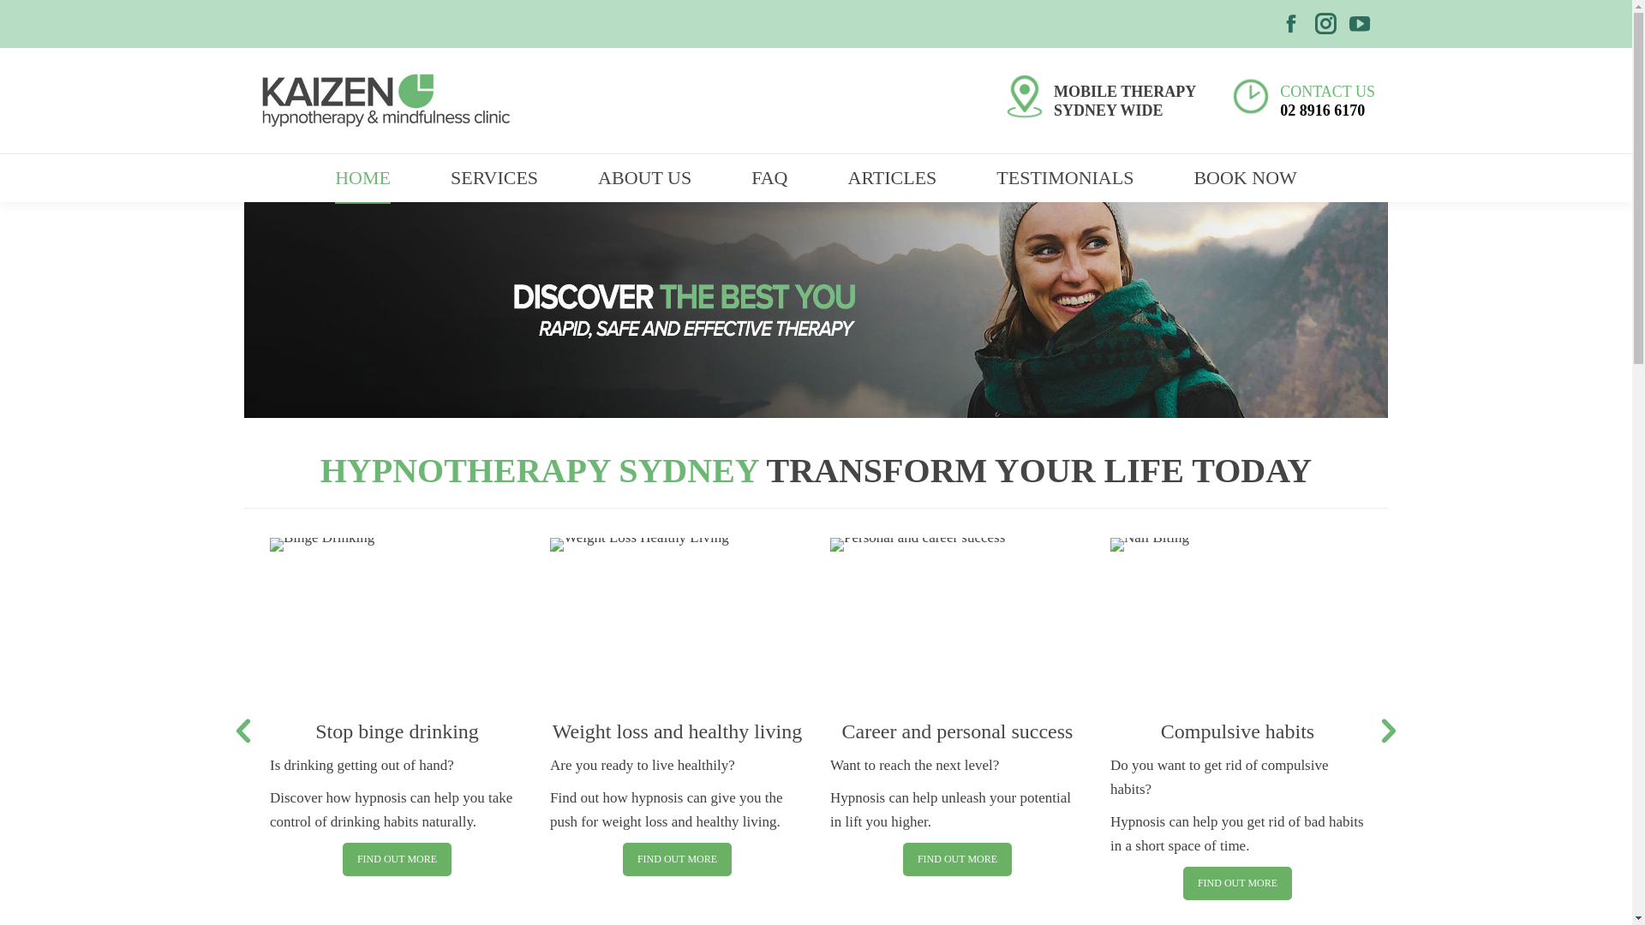  Describe the element at coordinates (1326, 90) in the screenshot. I see `'CONTACT US'` at that location.